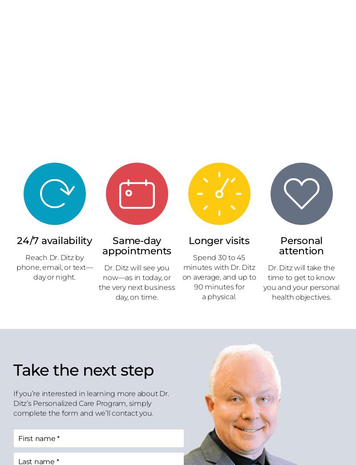 Image resolution: width=356 pixels, height=465 pixels. I want to click on 'Dr. Ditz will see you now—as in today, or the very next business day, on time.', so click(136, 281).